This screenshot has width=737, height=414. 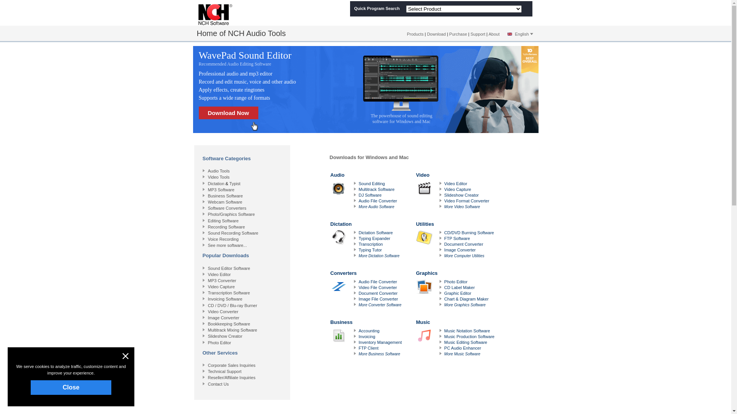 I want to click on 'Sound Editing', so click(x=358, y=183).